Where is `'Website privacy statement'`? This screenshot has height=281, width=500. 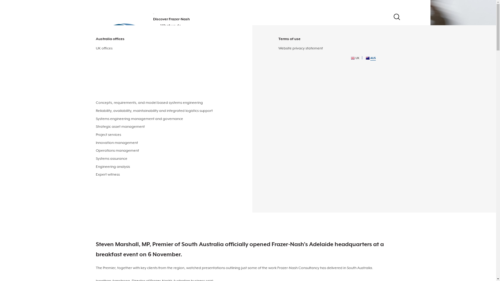 'Website privacy statement' is located at coordinates (301, 48).